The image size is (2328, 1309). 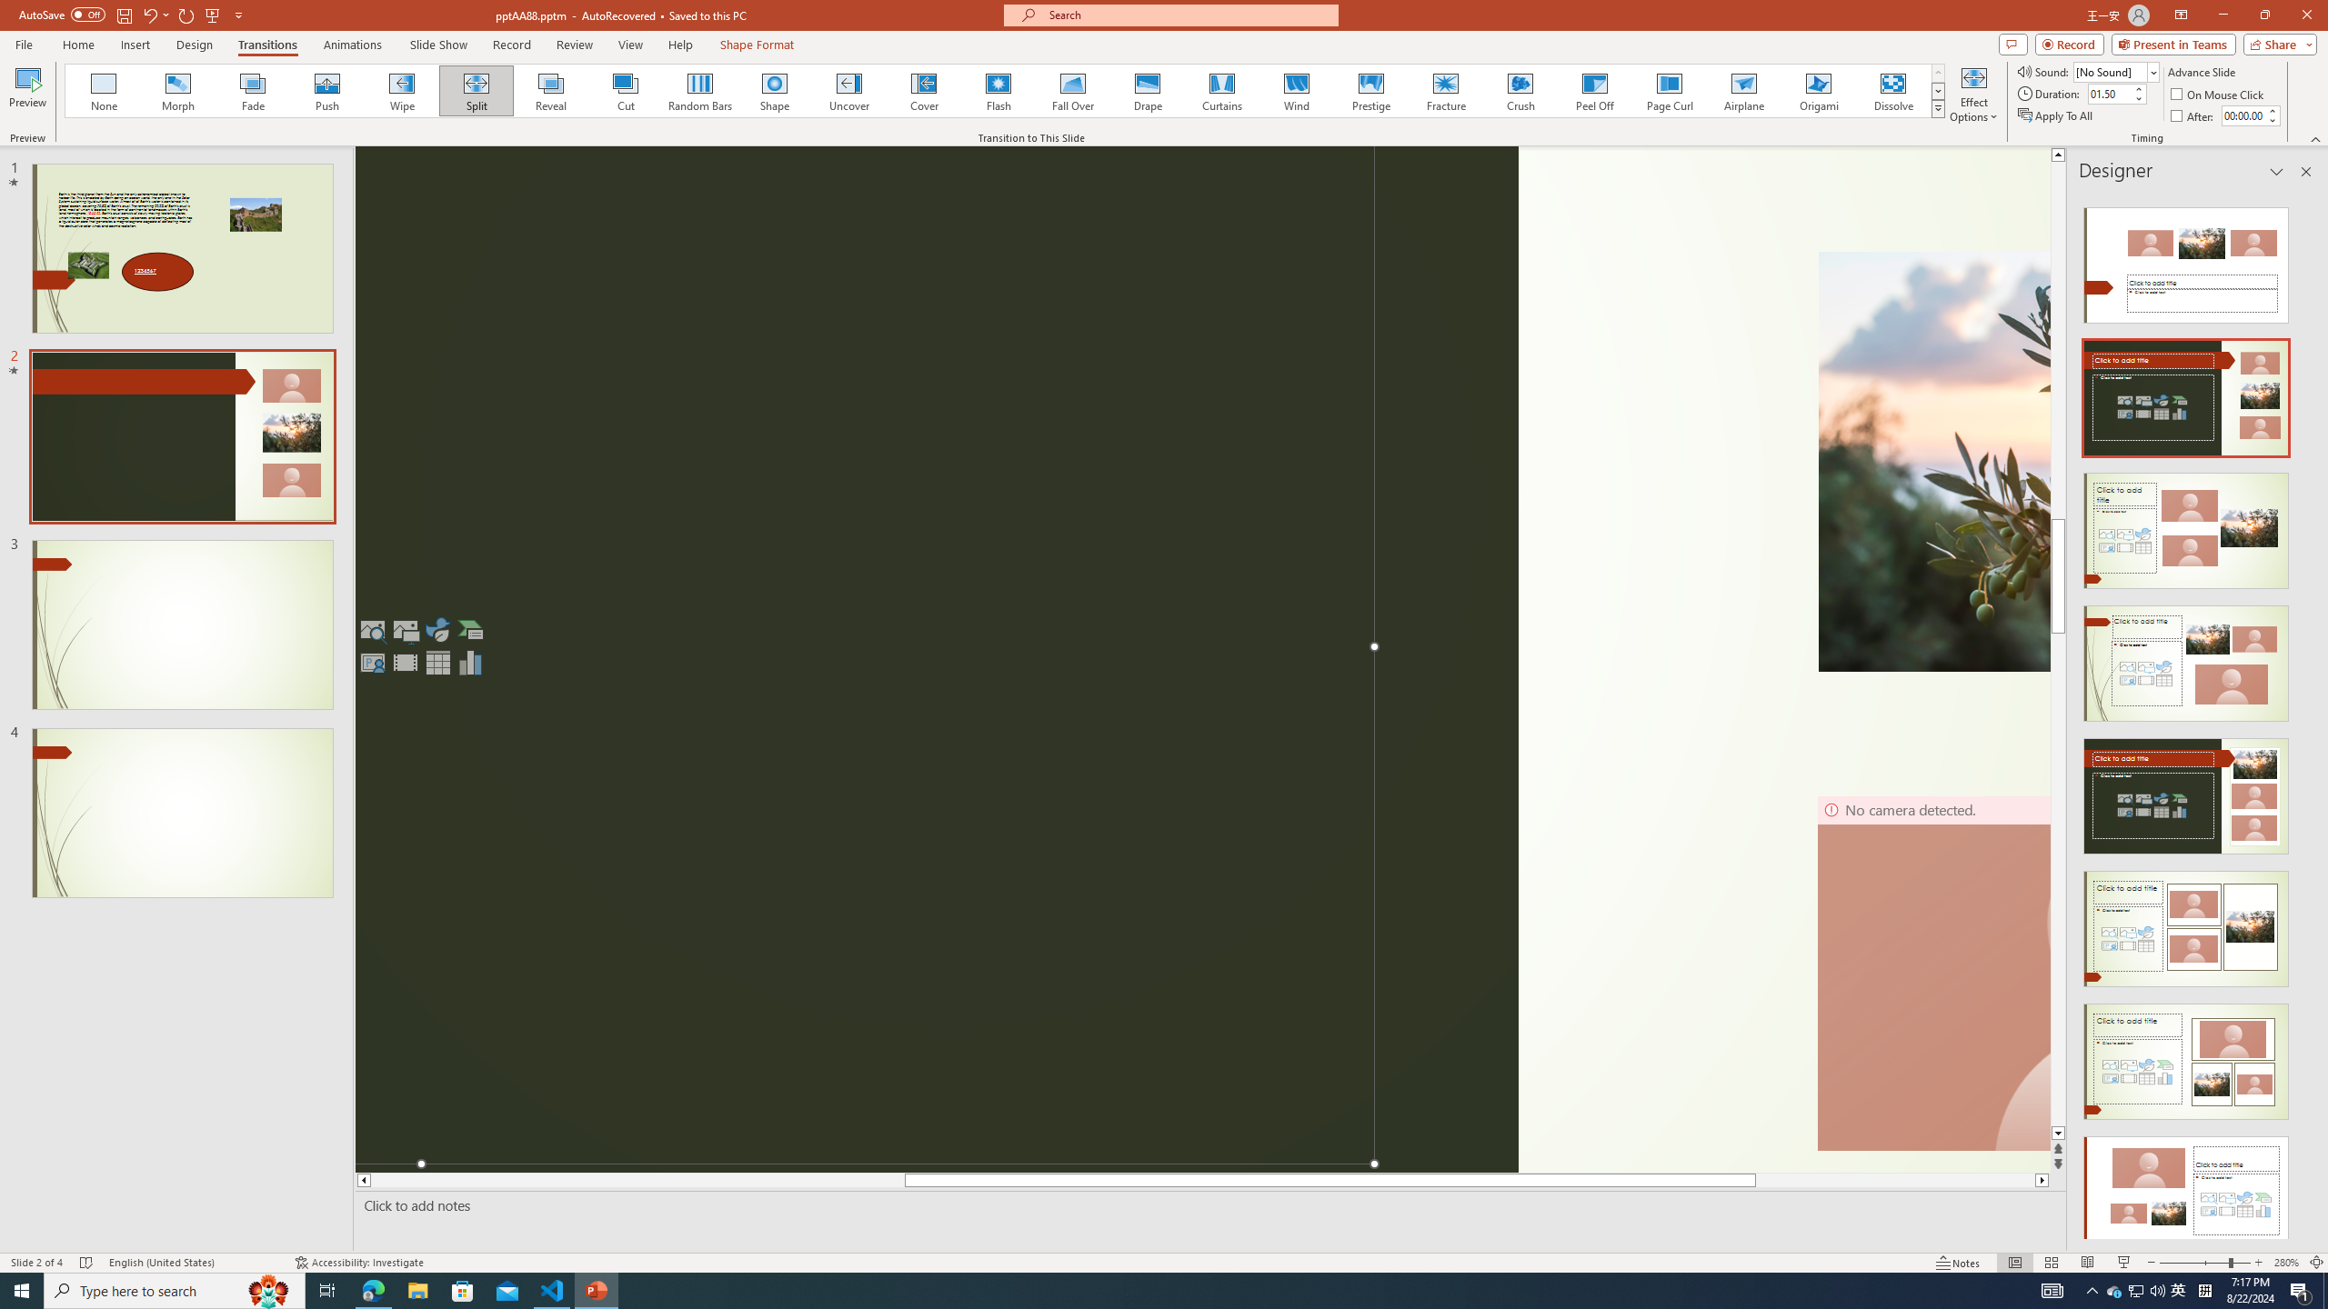 I want to click on 'Class: NetUIScrollBar', so click(x=2303, y=714).